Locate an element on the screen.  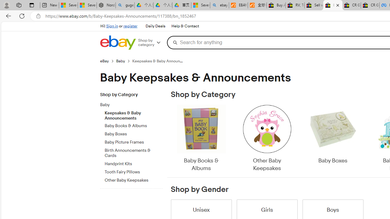
'Daily Deals' is located at coordinates (155, 26).